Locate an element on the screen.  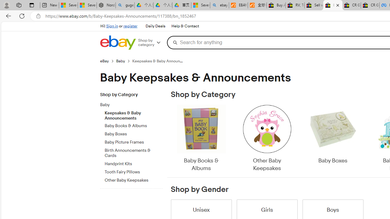
'Daily Deals' is located at coordinates (155, 26).